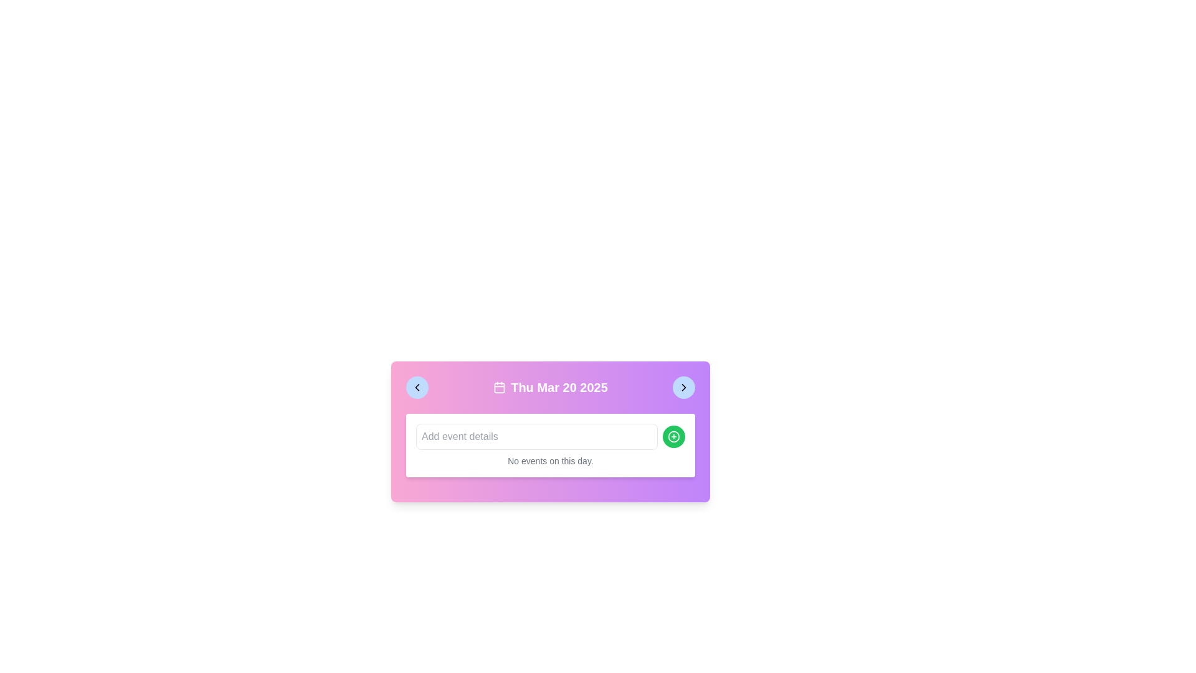 The image size is (1196, 673). What do you see at coordinates (683, 386) in the screenshot?
I see `the right-facing chevron icon within the circular button located in the top-right corner of the event management card` at bounding box center [683, 386].